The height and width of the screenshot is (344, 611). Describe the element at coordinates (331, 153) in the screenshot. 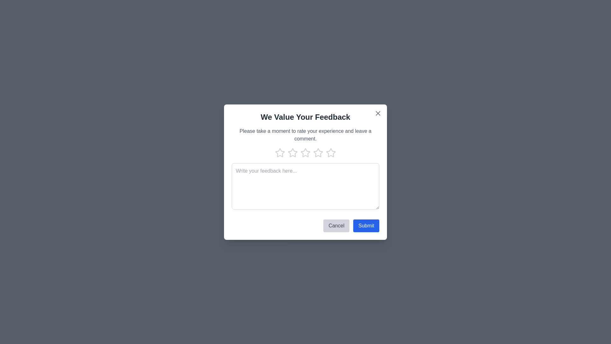

I see `the fifth star icon in the horizontal row` at that location.